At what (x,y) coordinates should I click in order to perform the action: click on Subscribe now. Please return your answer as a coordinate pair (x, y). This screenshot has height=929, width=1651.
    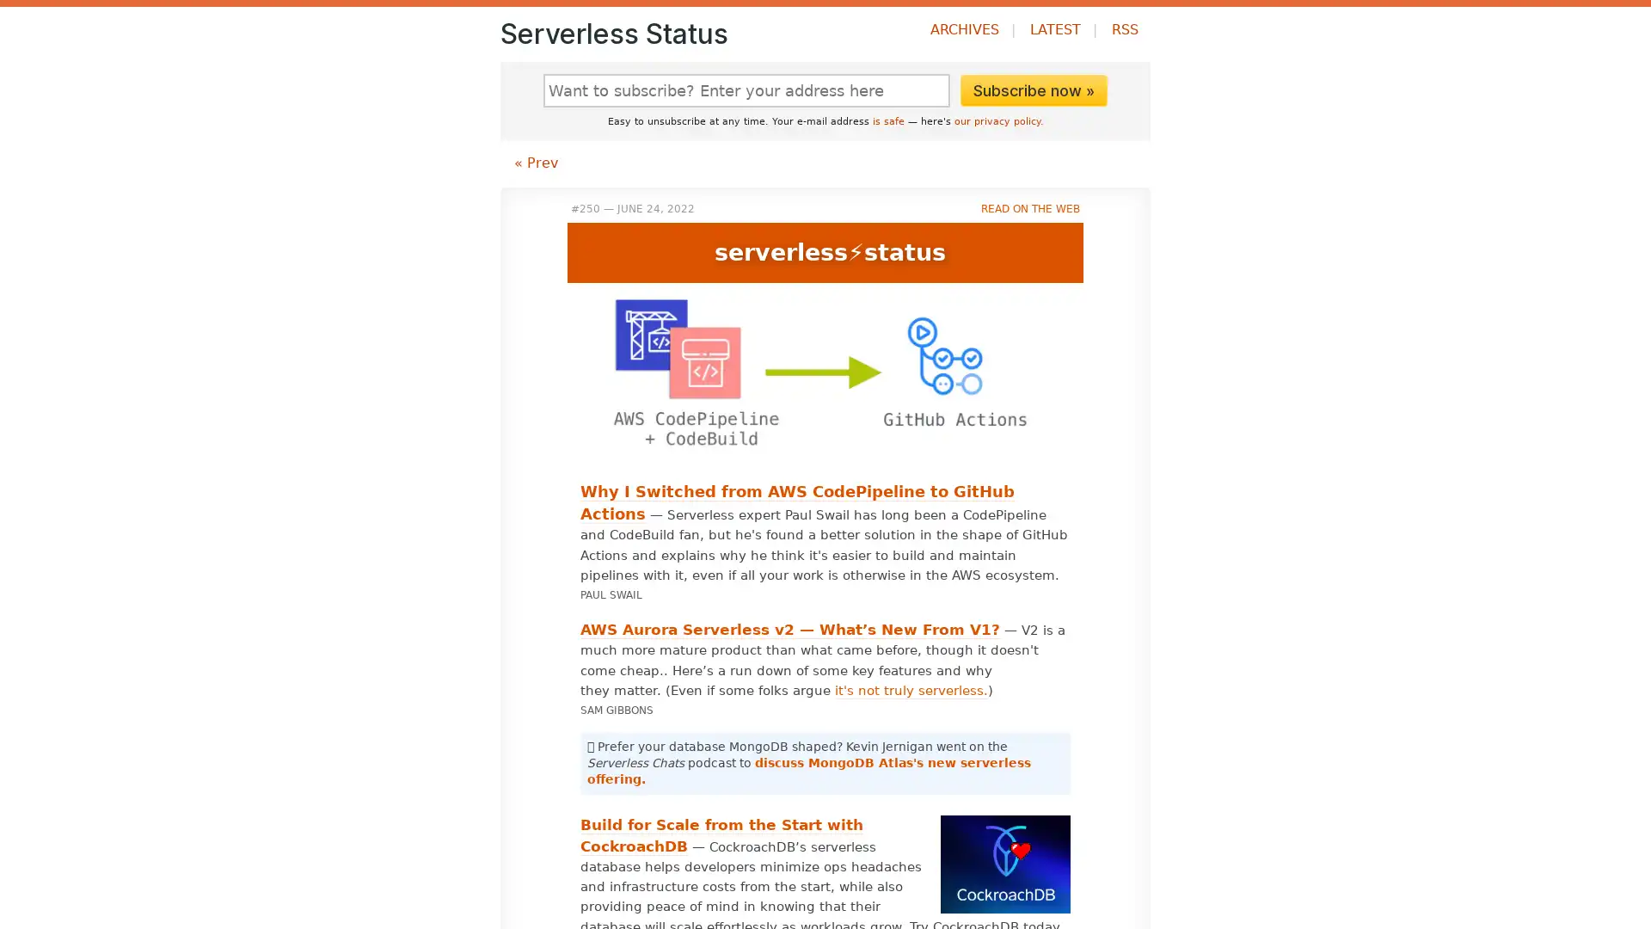
    Looking at the image, I should click on (1033, 90).